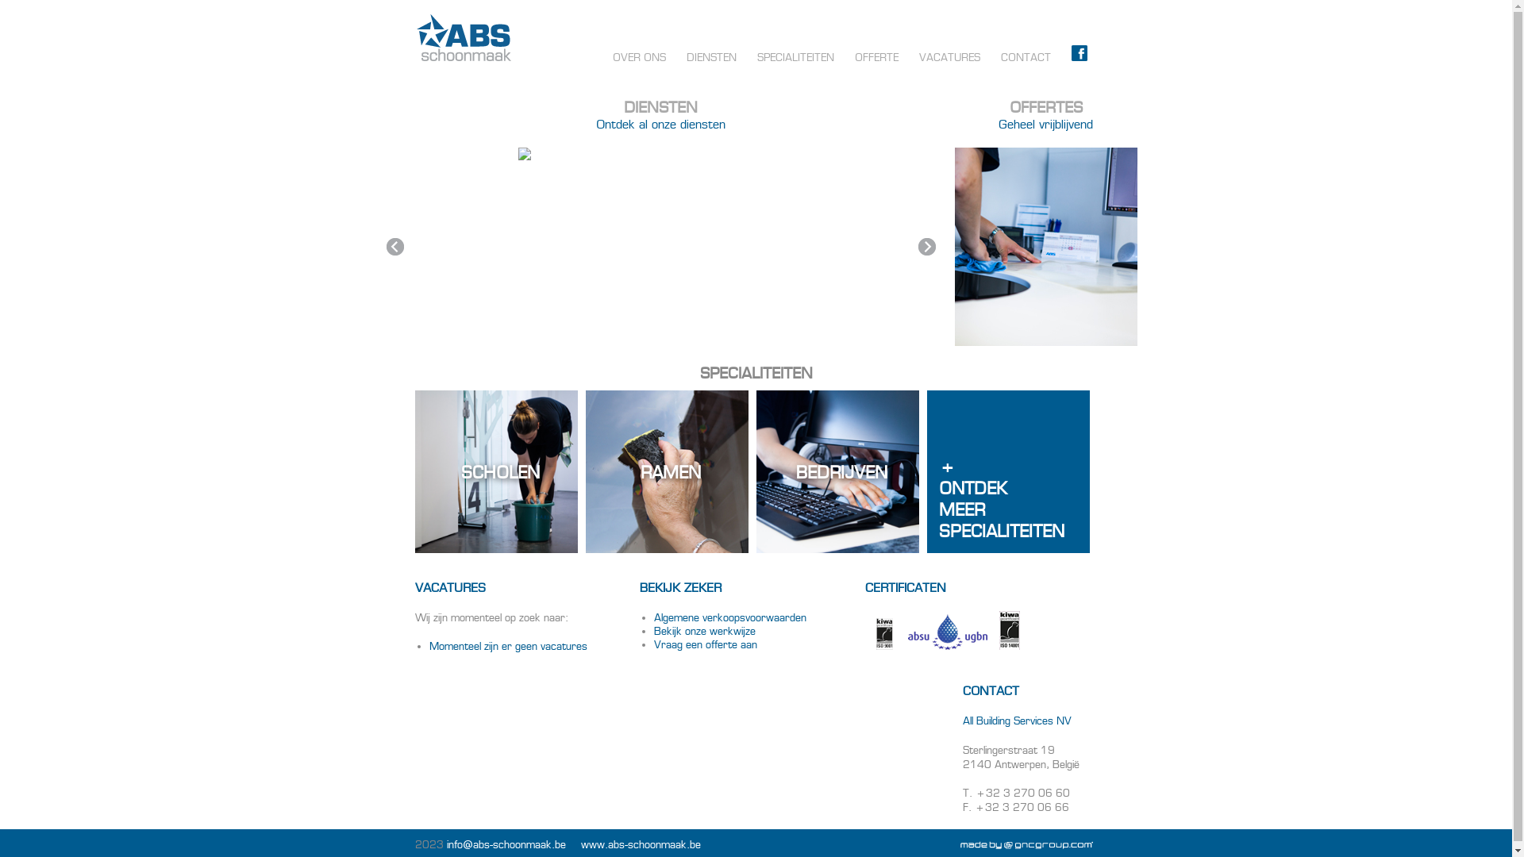  I want to click on 'OVER ONS', so click(601, 56).